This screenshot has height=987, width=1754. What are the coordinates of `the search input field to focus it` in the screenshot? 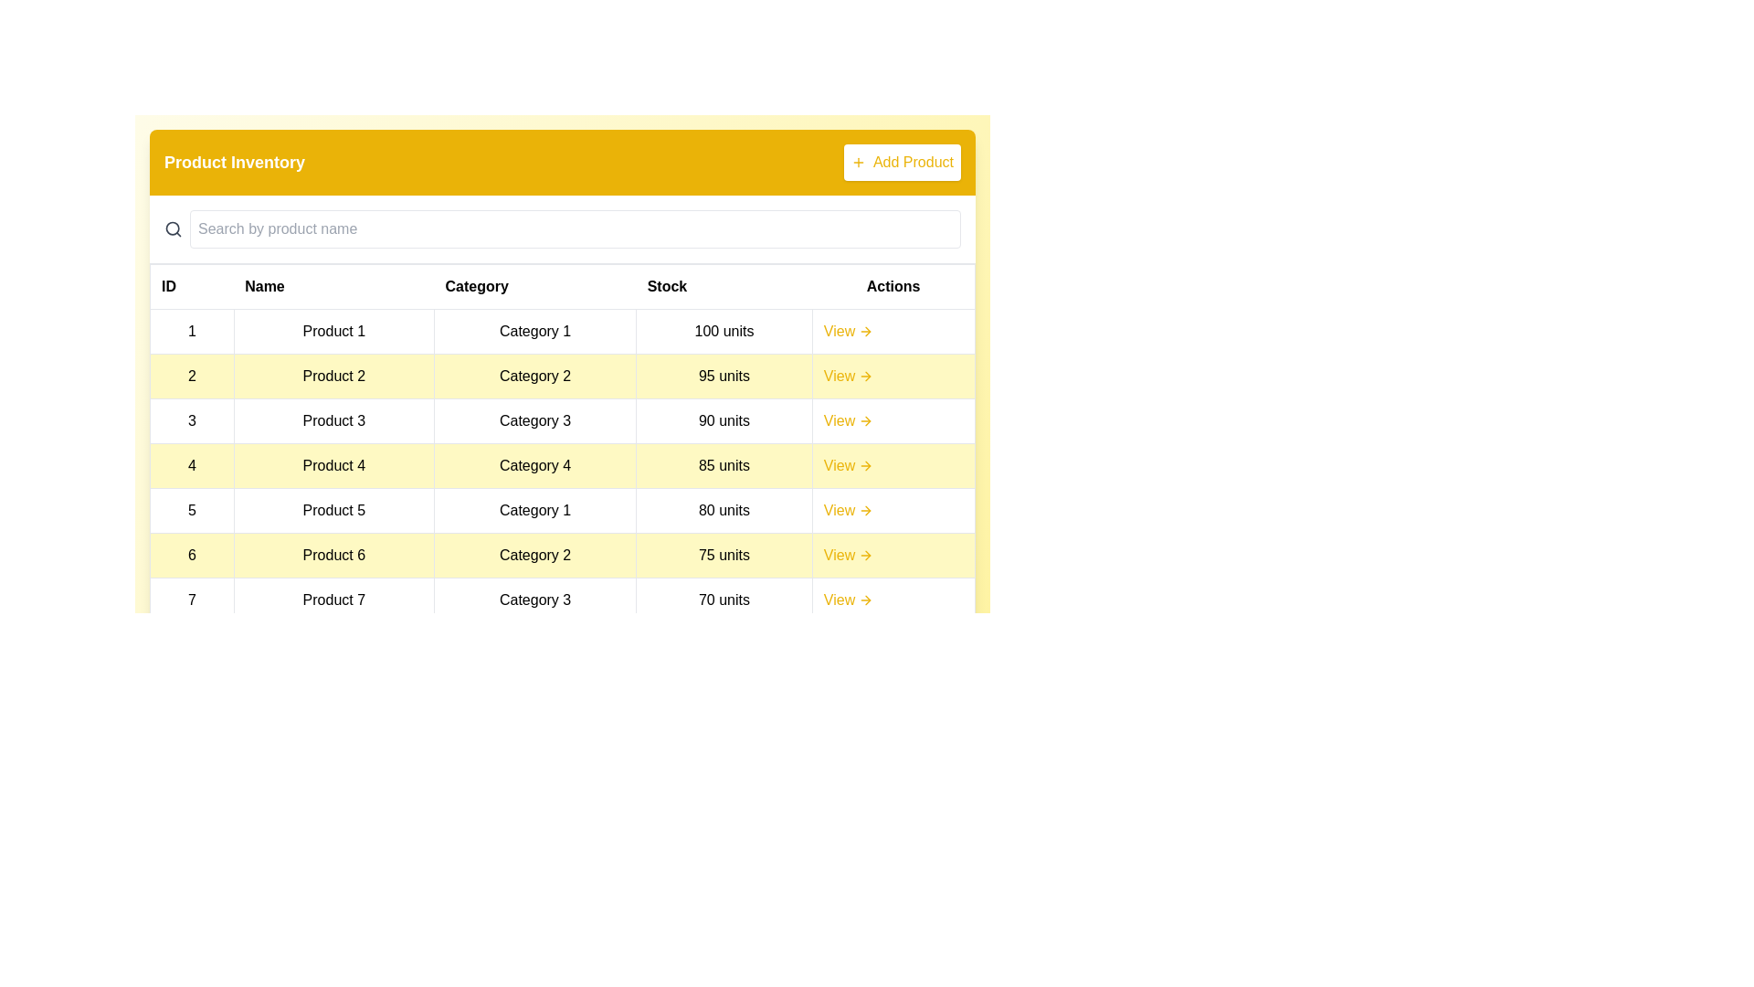 It's located at (574, 228).